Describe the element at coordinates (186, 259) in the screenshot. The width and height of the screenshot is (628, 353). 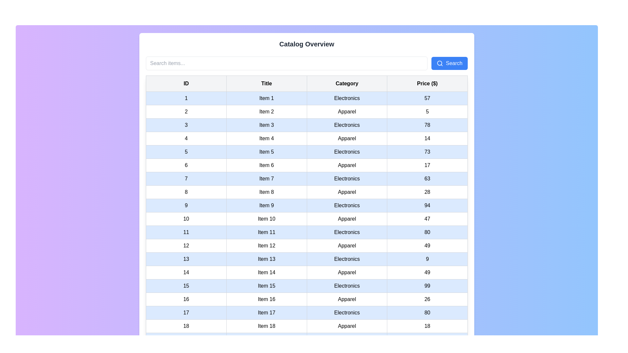
I see `the table cell displaying the text '13', which is the first cell in the row for 'Item 13', characterized by a light blue background and center-aligned black text` at that location.